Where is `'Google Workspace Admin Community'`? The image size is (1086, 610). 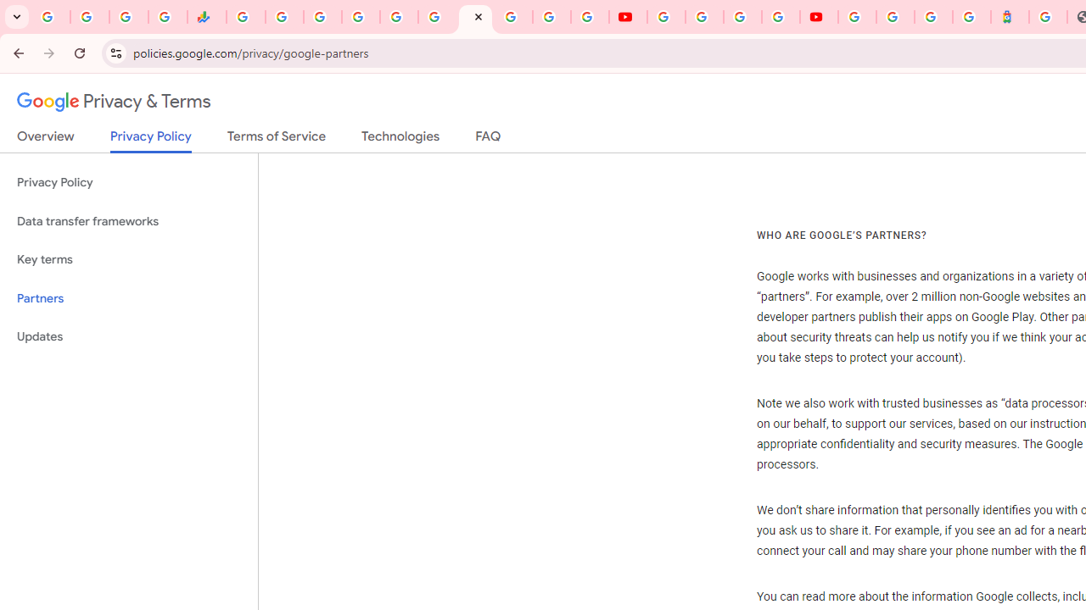 'Google Workspace Admin Community' is located at coordinates (51, 17).